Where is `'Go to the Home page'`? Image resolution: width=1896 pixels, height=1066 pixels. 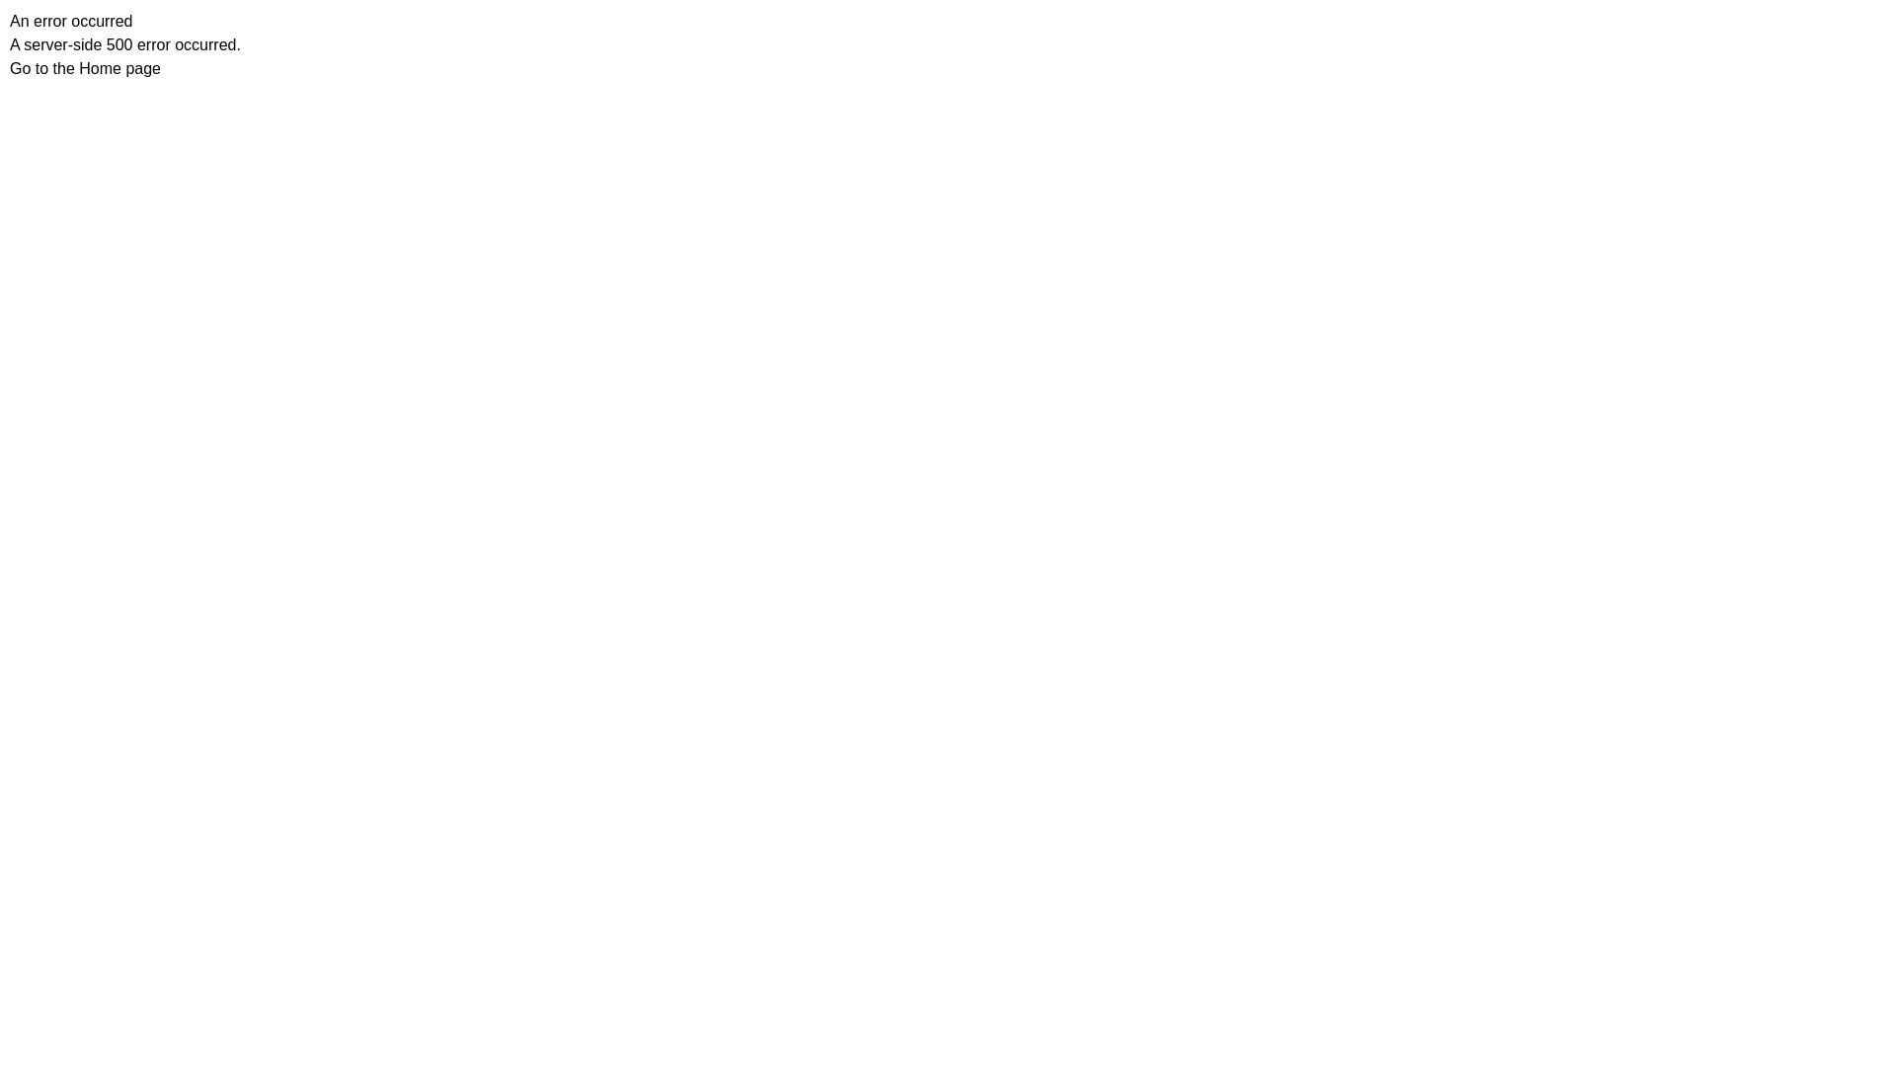
'Go to the Home page' is located at coordinates (9, 67).